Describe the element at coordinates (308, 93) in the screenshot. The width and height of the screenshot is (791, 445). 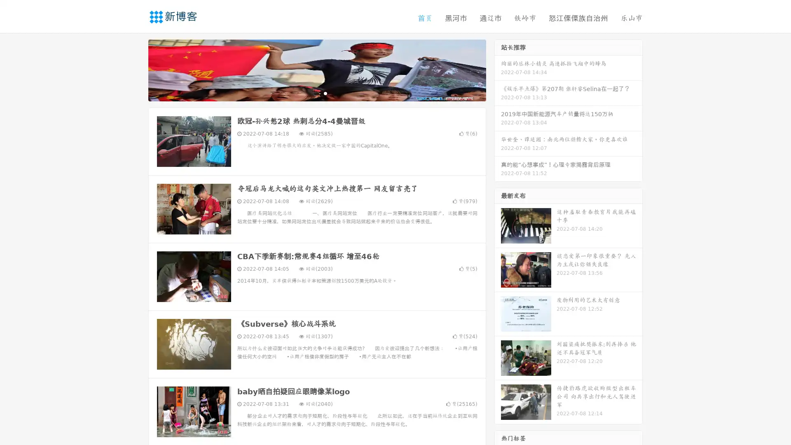
I see `Go to slide 1` at that location.